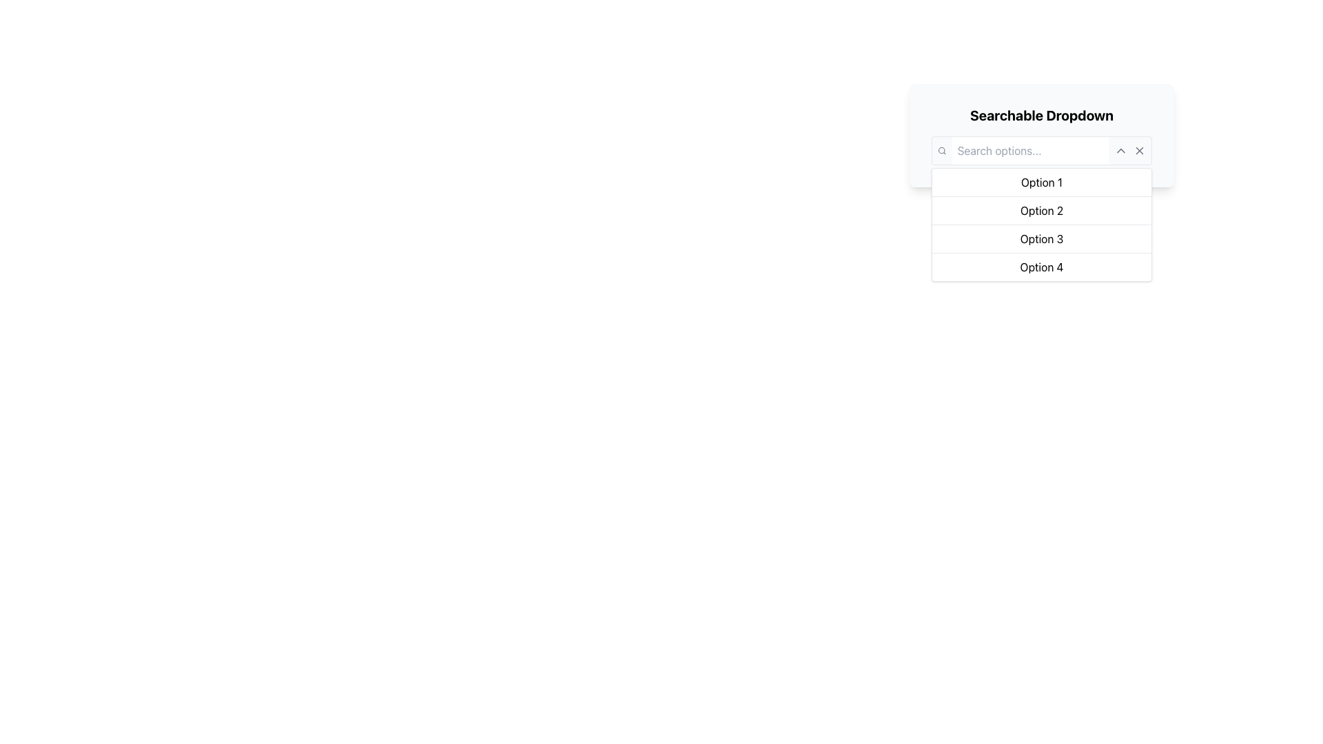 Image resolution: width=1323 pixels, height=744 pixels. Describe the element at coordinates (1140, 151) in the screenshot. I see `the clear button located in the upper-right section of the dropdown interface, which clears the text in the search input field` at that location.